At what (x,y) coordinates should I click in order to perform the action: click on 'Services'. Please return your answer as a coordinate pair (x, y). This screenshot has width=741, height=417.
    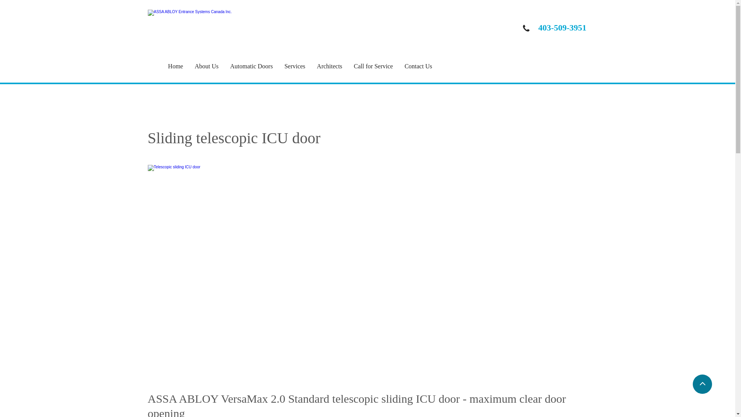
    Looking at the image, I should click on (300, 66).